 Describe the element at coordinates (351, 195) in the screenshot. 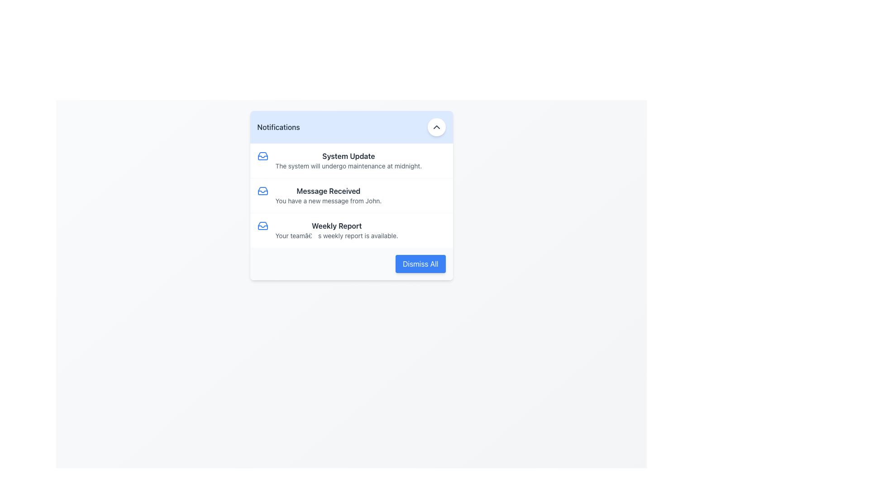

I see `the second notification item in the notifications card` at that location.